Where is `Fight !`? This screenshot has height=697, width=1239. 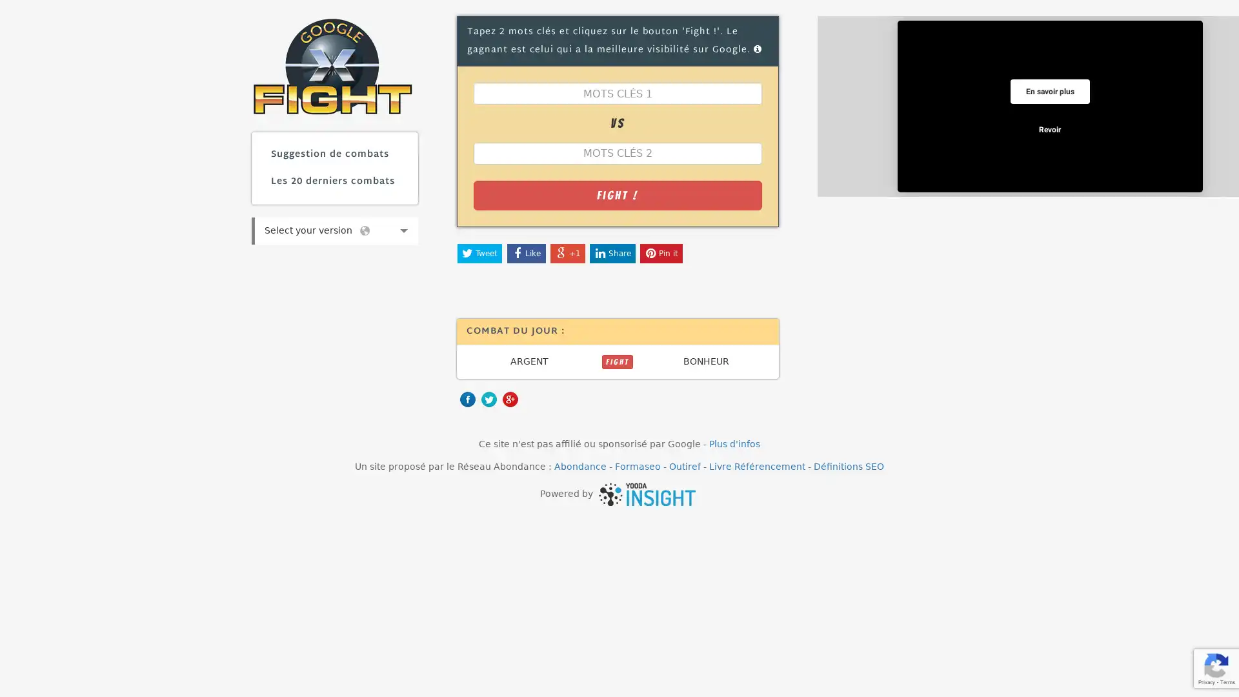 Fight ! is located at coordinates (616, 194).